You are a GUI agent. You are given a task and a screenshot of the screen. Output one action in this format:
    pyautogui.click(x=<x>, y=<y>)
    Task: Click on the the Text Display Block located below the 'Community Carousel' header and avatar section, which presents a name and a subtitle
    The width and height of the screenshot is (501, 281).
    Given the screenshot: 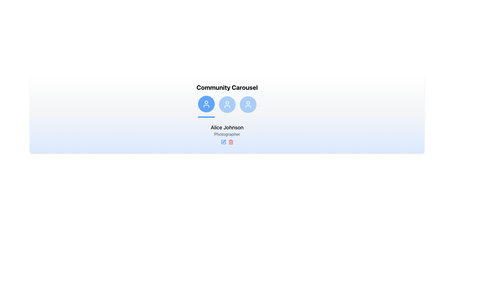 What is the action you would take?
    pyautogui.click(x=227, y=134)
    